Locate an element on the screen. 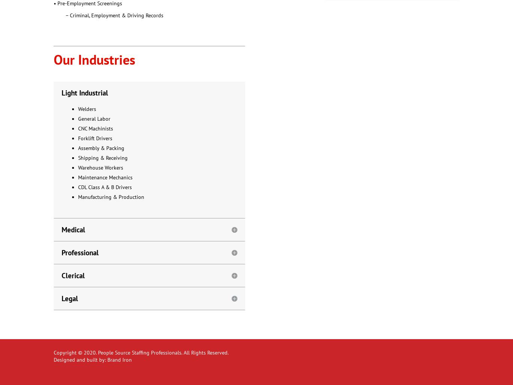 The width and height of the screenshot is (513, 385). 'Designed and built by:' is located at coordinates (53, 359).